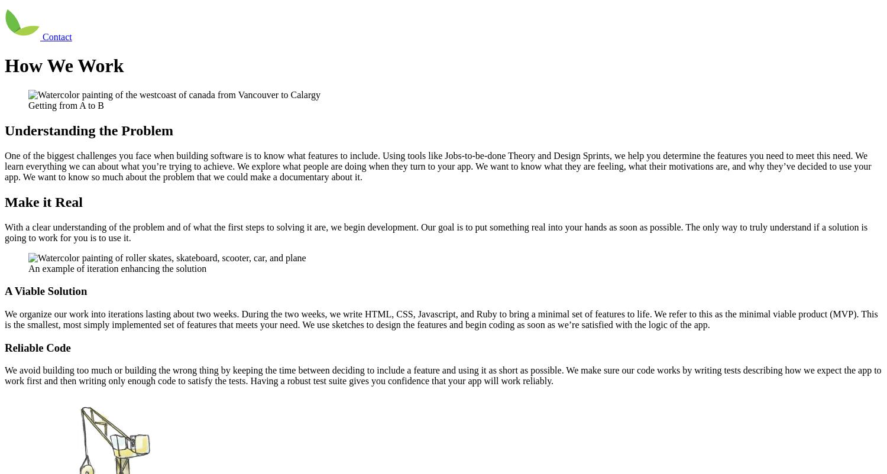 The image size is (887, 474). What do you see at coordinates (43, 202) in the screenshot?
I see `'Make it Real'` at bounding box center [43, 202].